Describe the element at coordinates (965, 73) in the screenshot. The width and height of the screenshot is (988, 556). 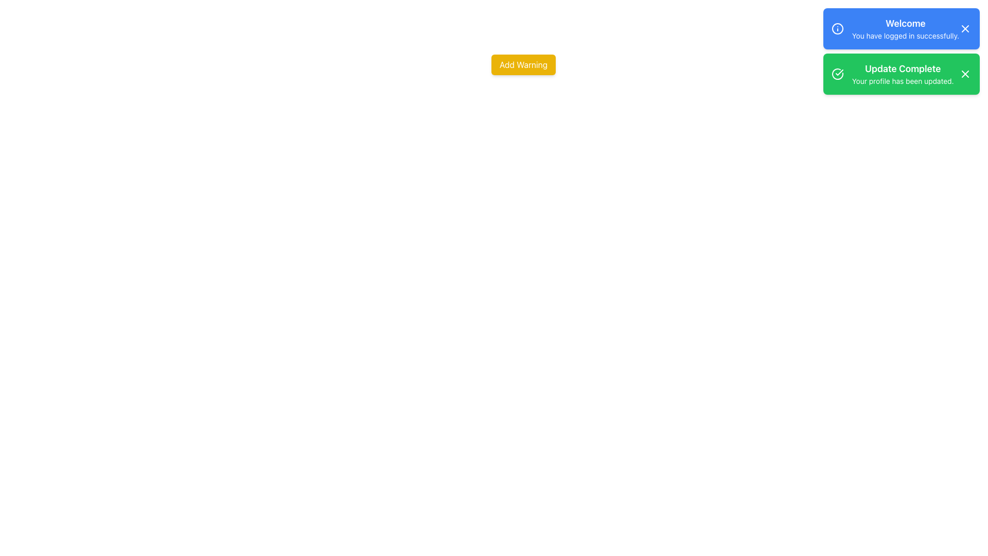
I see `the close button located in the top-right corner of the blue notification card that displays the text 'Welcome You have logged in successfully.'` at that location.